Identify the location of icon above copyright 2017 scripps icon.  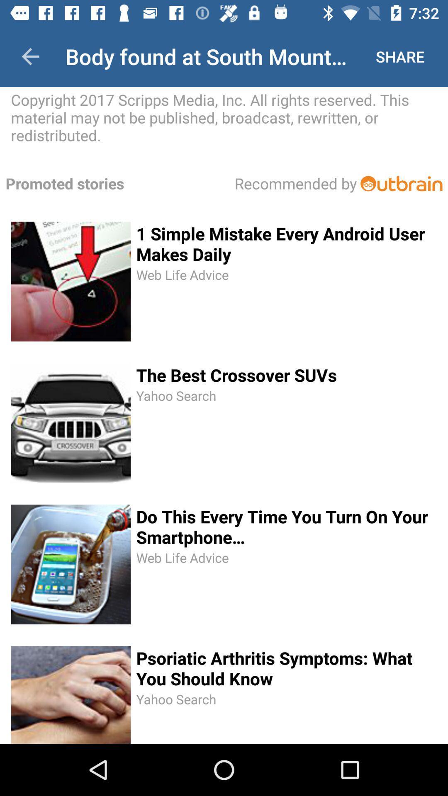
(30, 56).